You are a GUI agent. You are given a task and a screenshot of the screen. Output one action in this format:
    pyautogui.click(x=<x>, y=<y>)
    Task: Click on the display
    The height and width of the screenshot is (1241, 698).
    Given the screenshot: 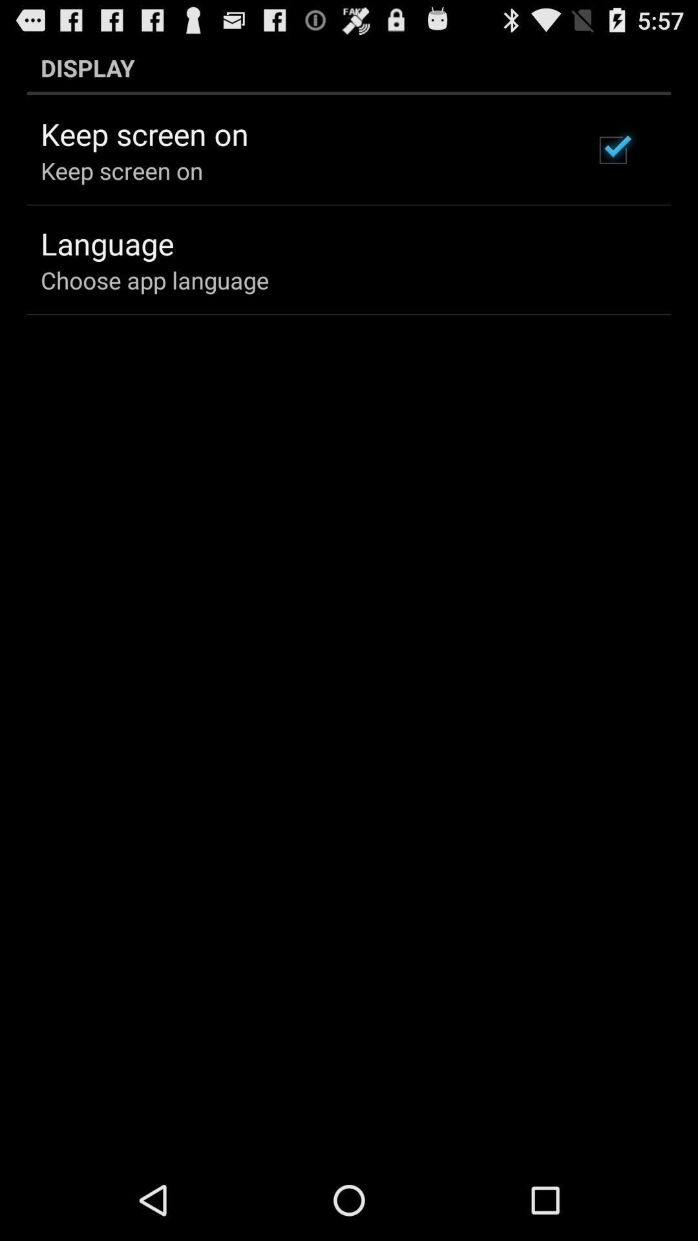 What is the action you would take?
    pyautogui.click(x=349, y=67)
    